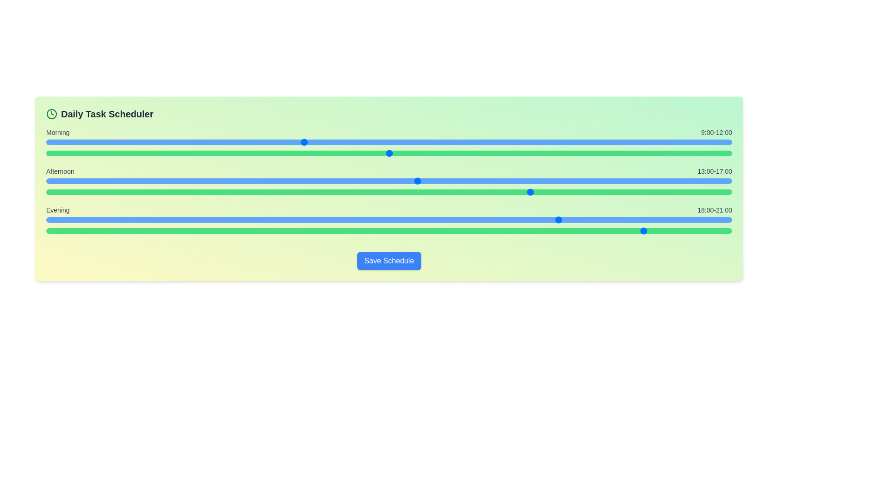 This screenshot has width=888, height=499. What do you see at coordinates (103, 142) in the screenshot?
I see `the start time for the Morning period to 2 hours` at bounding box center [103, 142].